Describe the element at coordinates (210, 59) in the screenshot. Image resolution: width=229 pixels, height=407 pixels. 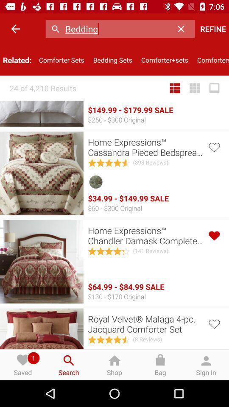
I see `the icon below the refine item` at that location.